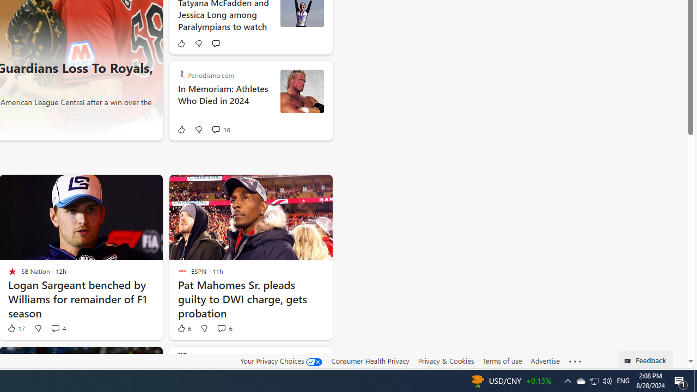 The image size is (697, 392). I want to click on 'View comments 6 Comment', so click(221, 327).